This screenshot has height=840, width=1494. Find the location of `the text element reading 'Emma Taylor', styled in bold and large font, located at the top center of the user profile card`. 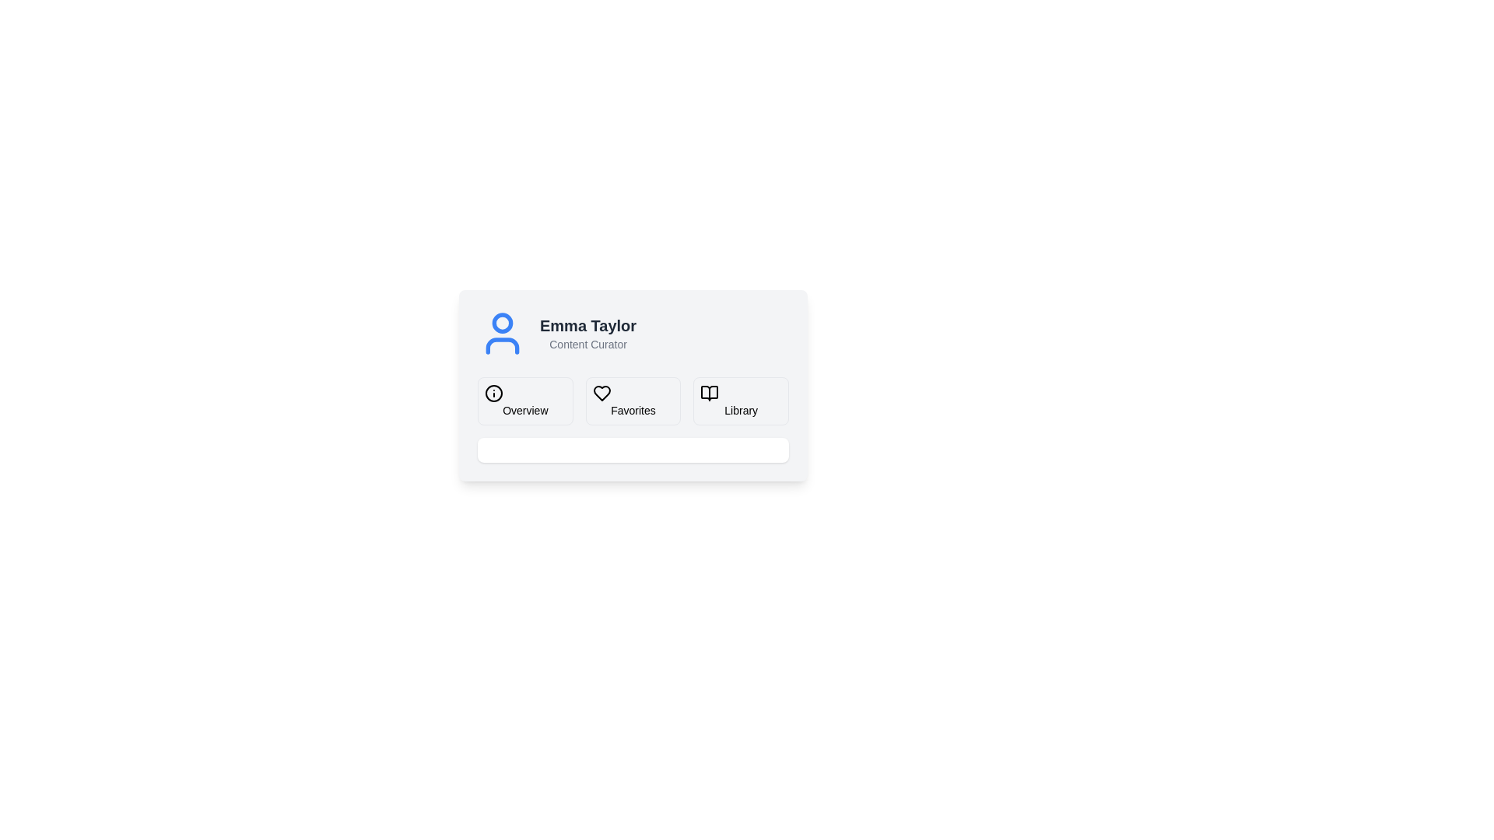

the text element reading 'Emma Taylor', styled in bold and large font, located at the top center of the user profile card is located at coordinates (587, 325).